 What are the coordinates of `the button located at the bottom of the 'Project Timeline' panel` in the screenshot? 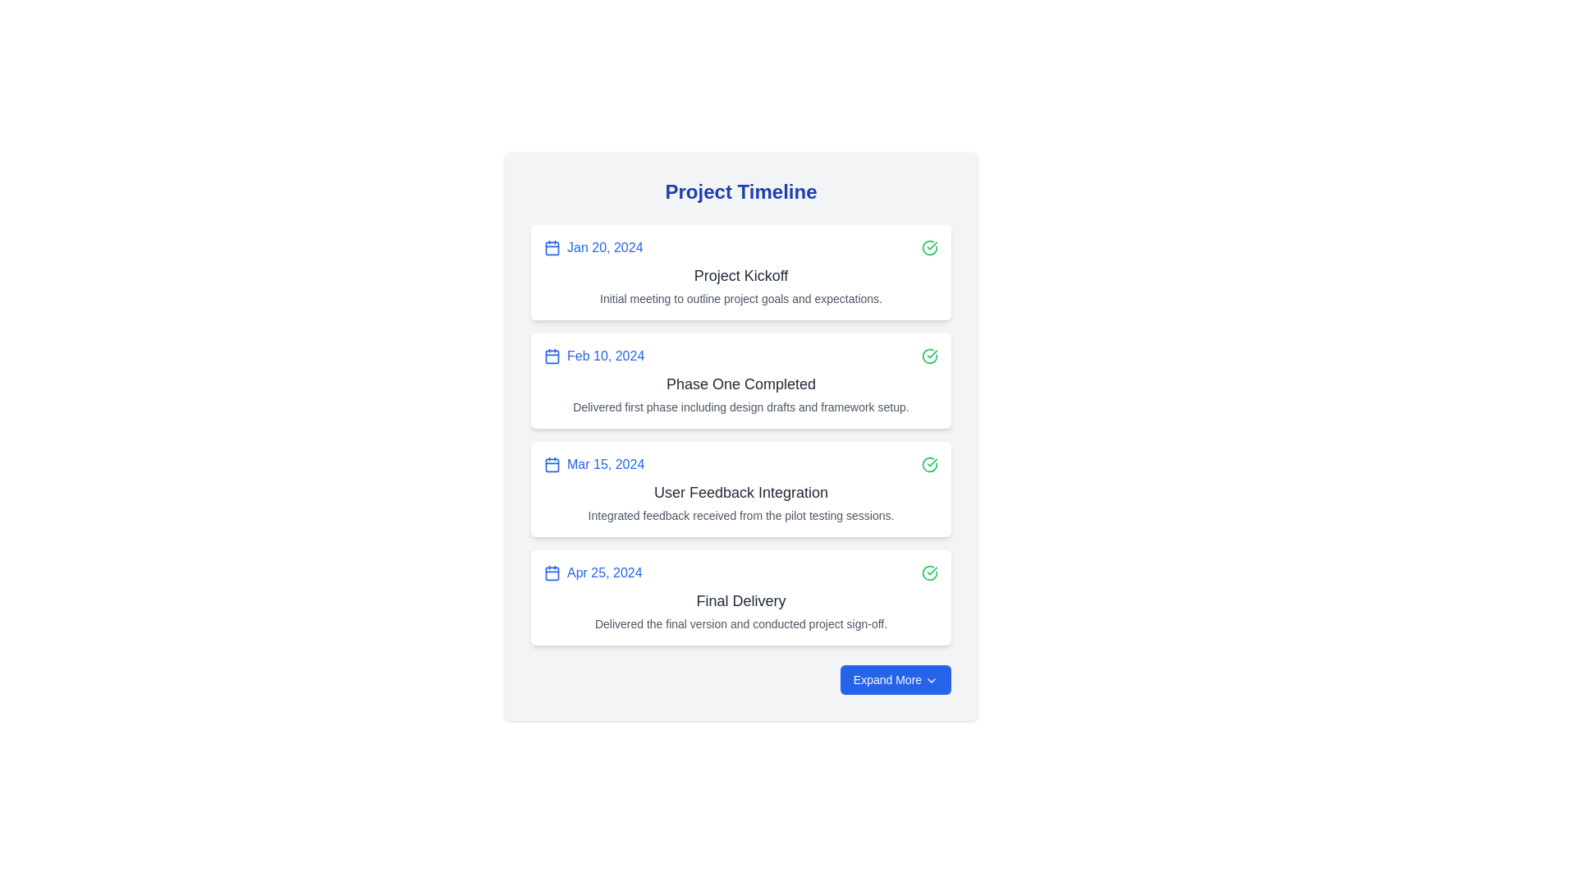 It's located at (740, 680).